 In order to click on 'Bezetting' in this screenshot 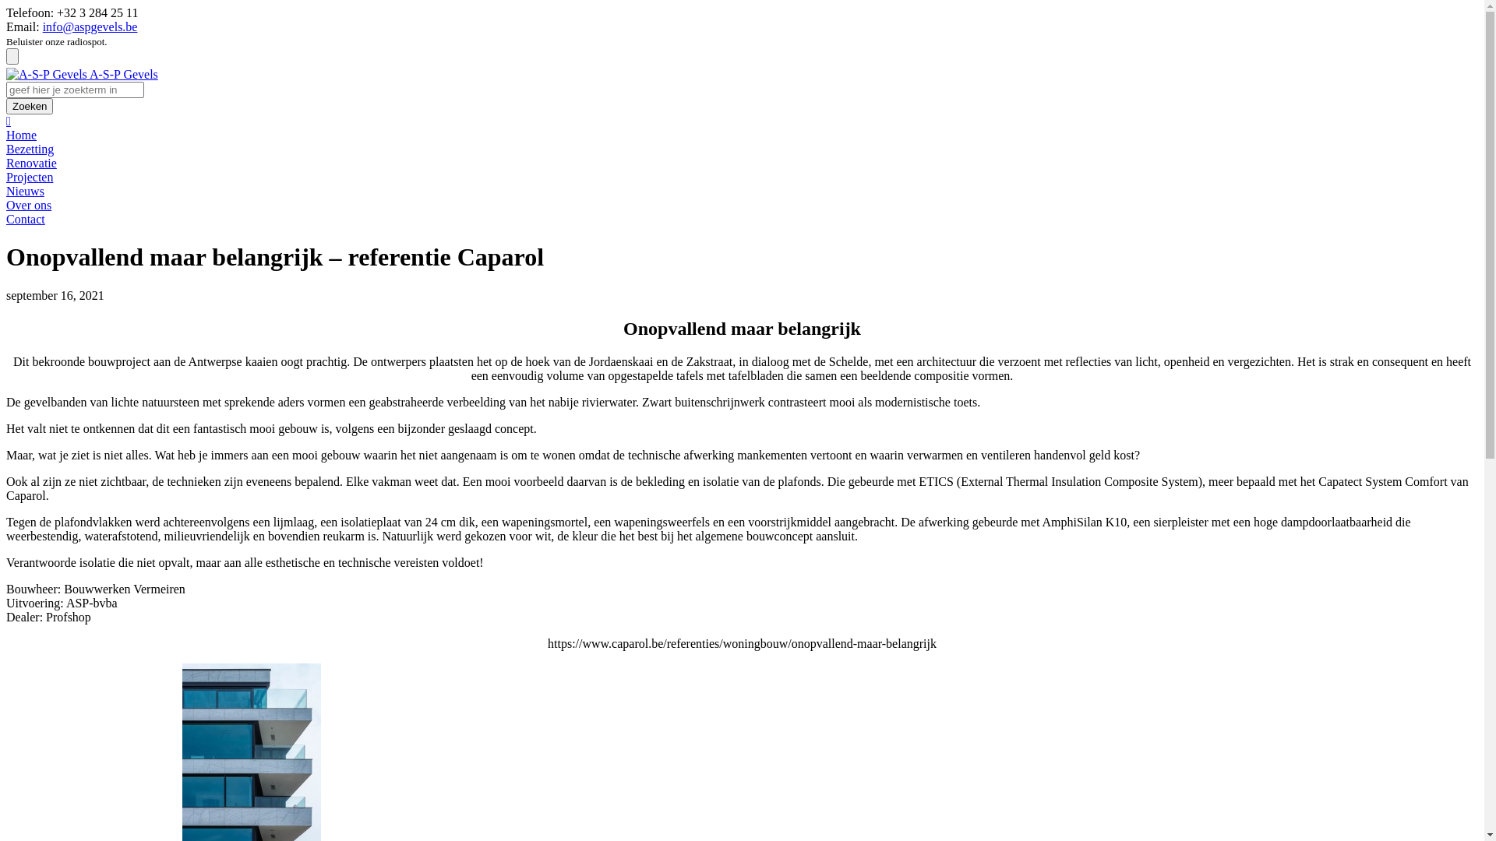, I will do `click(30, 149)`.